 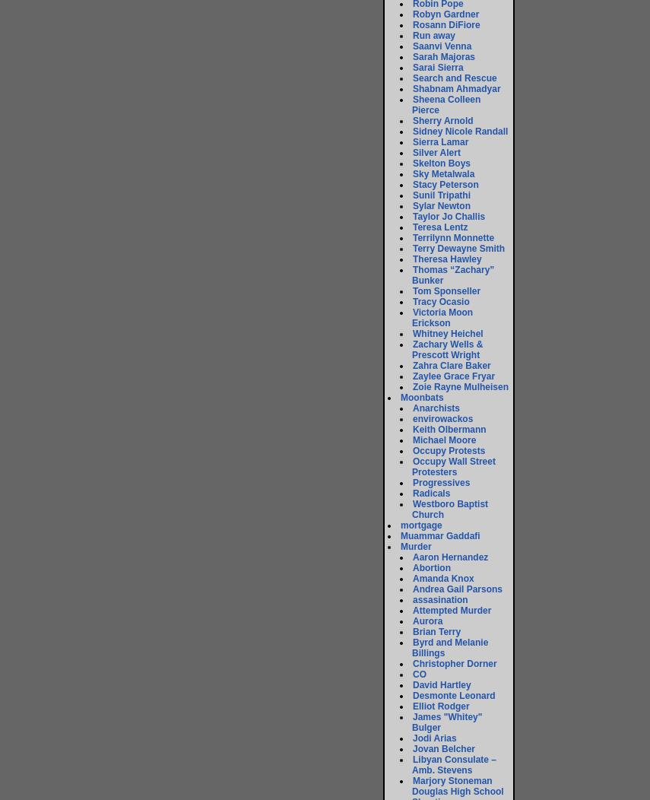 What do you see at coordinates (413, 600) in the screenshot?
I see `'assasination'` at bounding box center [413, 600].